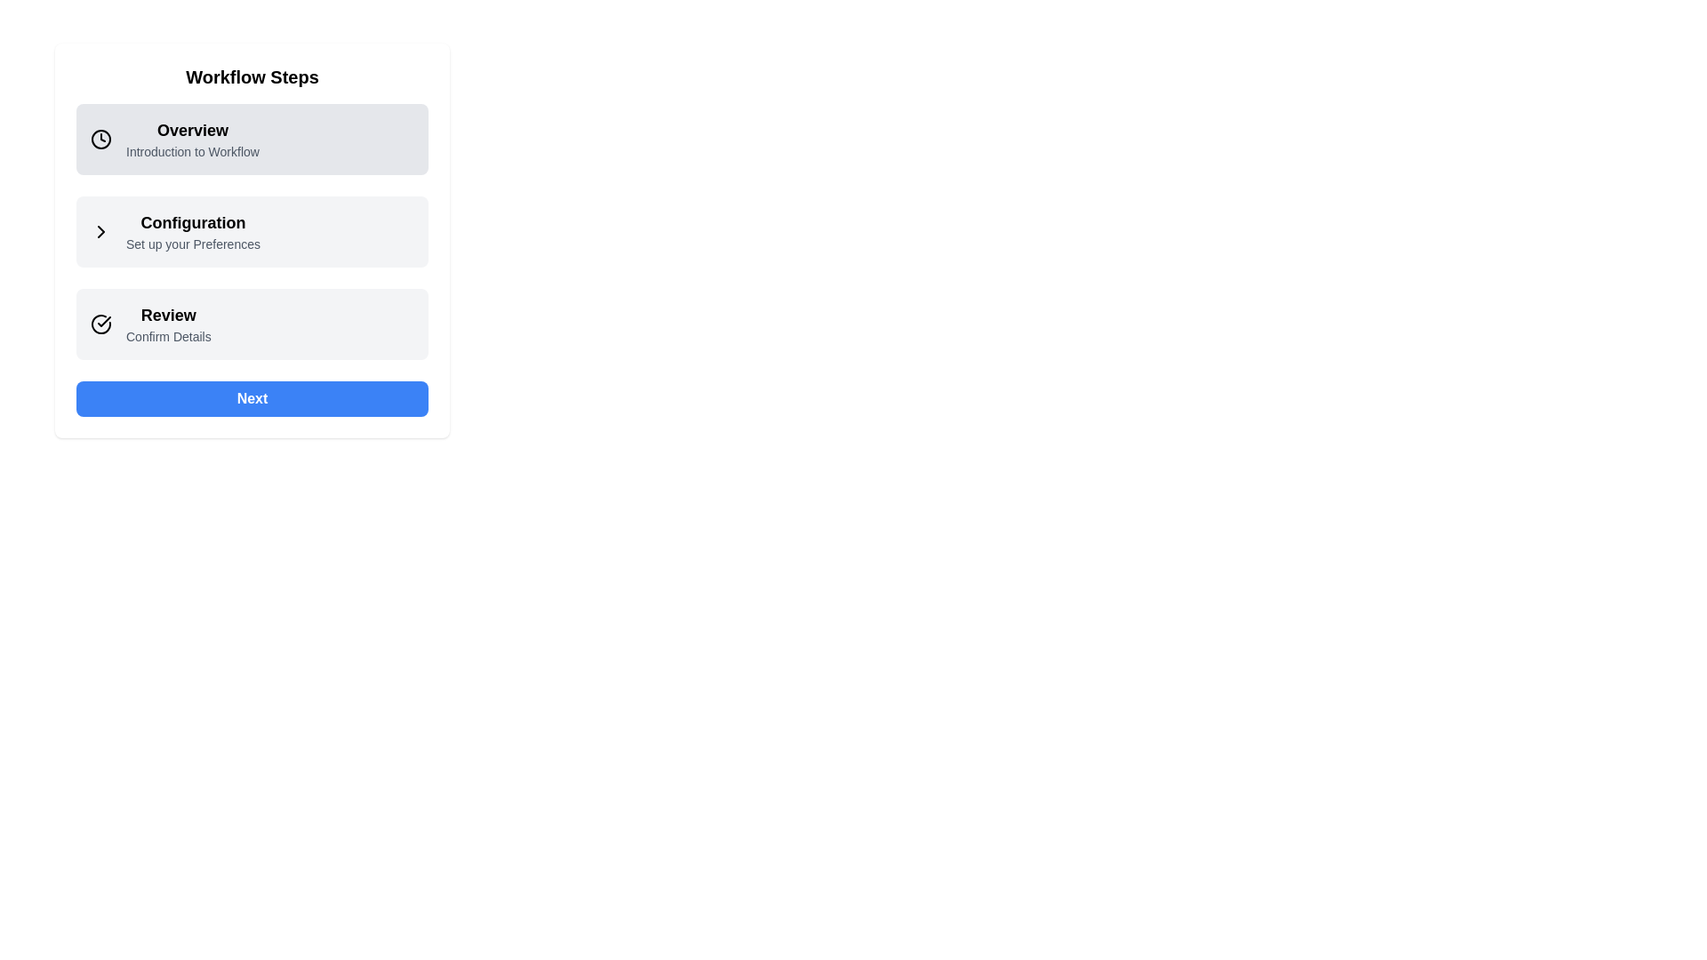 The width and height of the screenshot is (1707, 960). I want to click on the small circular clock icon located at the top-left corner of the light gray box labeled 'Overview', which contains the text 'Introduction to Workflow', so click(107, 139).